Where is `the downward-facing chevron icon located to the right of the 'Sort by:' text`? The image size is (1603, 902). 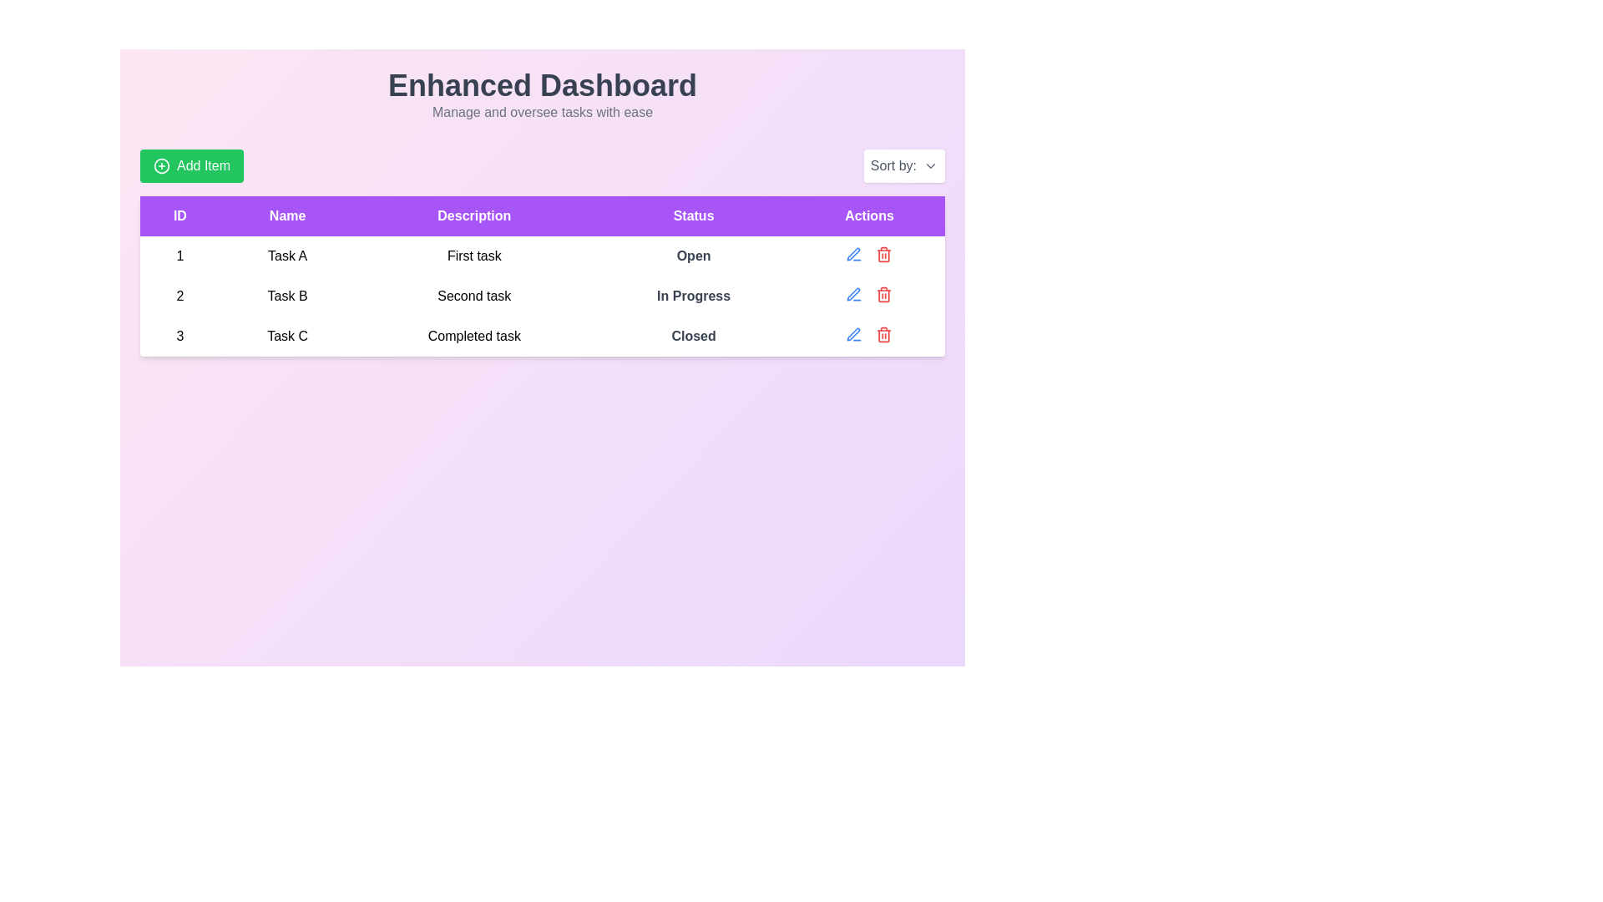 the downward-facing chevron icon located to the right of the 'Sort by:' text is located at coordinates (929, 166).